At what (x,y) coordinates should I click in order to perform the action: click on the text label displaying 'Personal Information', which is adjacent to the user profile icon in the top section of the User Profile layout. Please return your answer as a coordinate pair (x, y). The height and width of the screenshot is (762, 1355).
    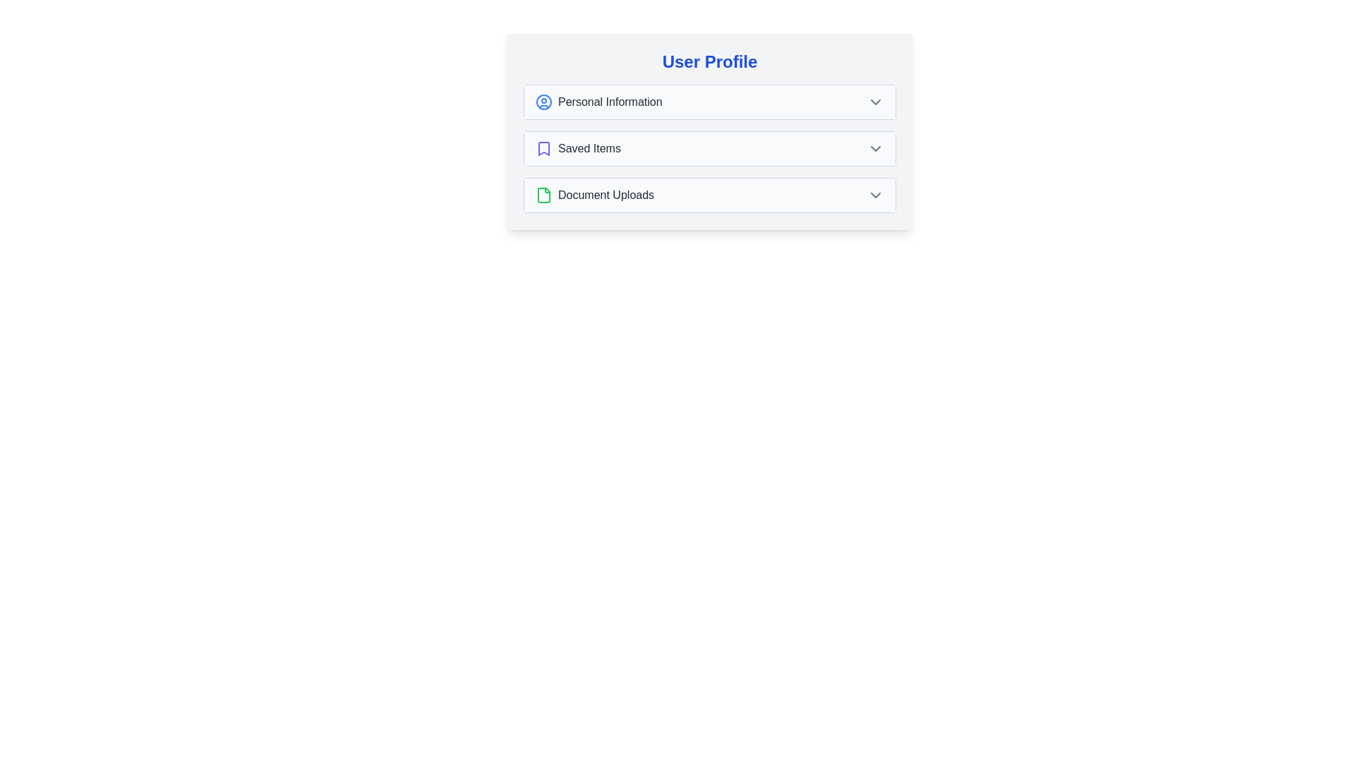
    Looking at the image, I should click on (610, 102).